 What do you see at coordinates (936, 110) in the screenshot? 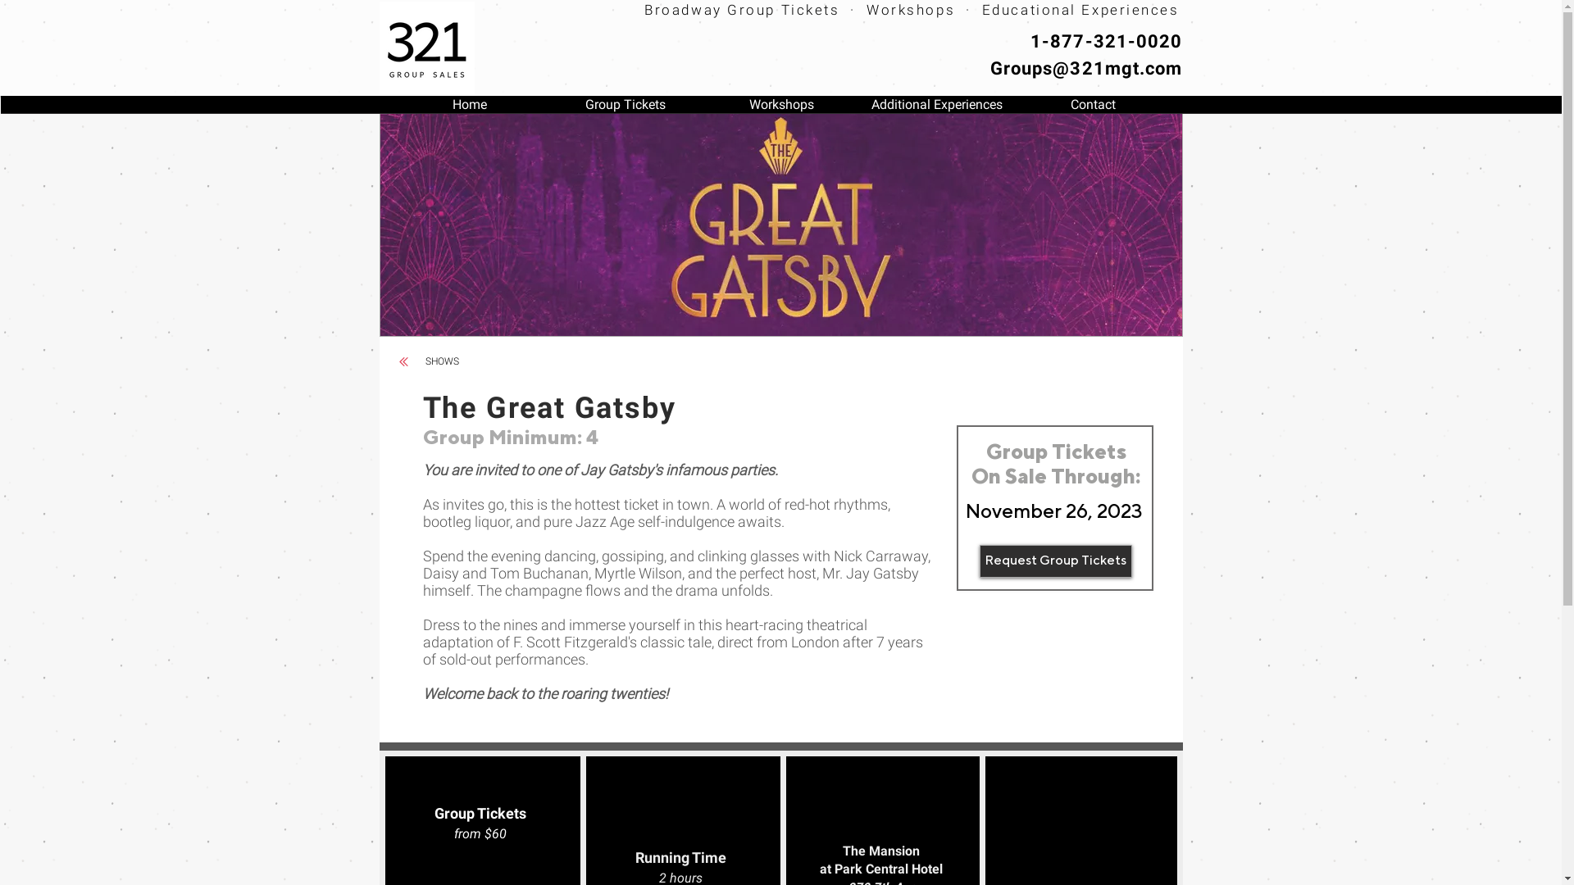
I see `'Additional Experiences'` at bounding box center [936, 110].